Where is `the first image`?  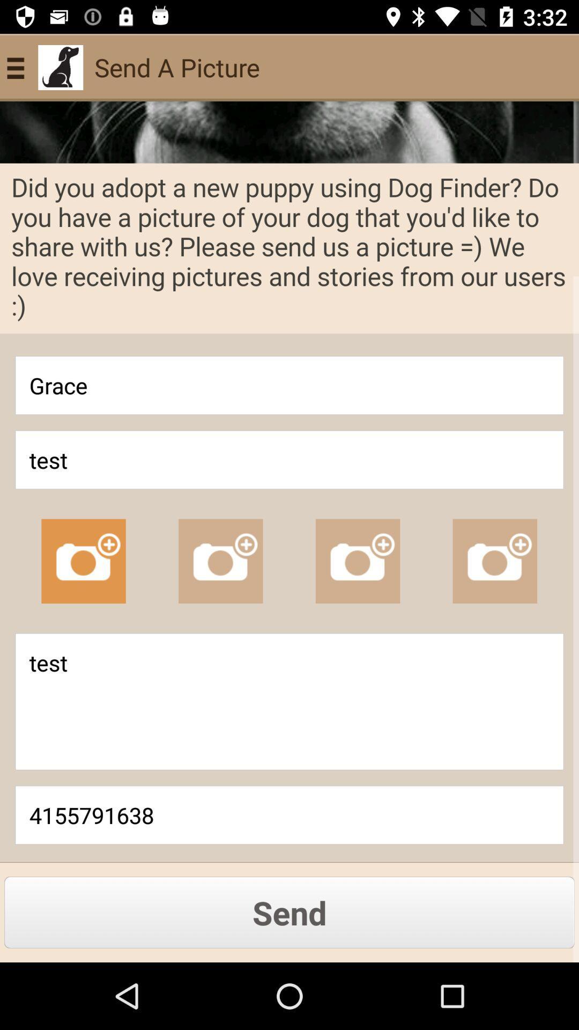 the first image is located at coordinates (83, 561).